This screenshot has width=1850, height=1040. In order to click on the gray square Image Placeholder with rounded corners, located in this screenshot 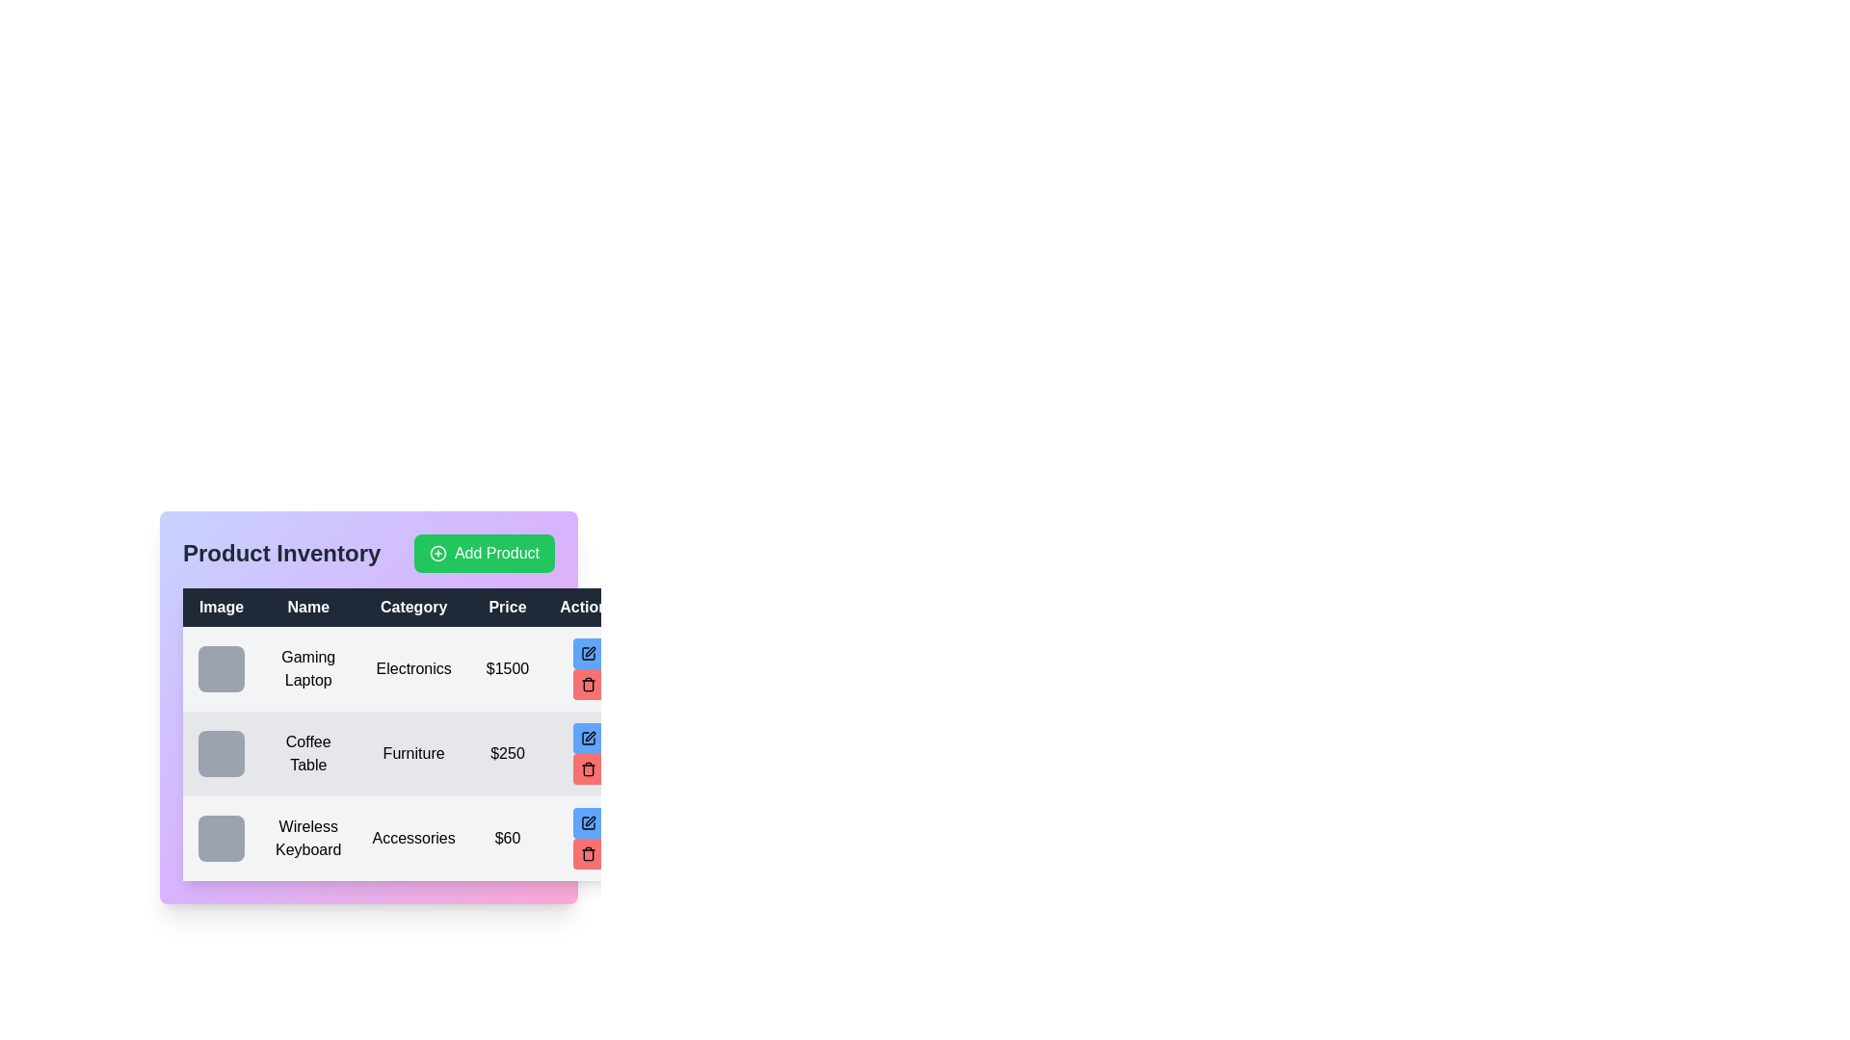, I will do `click(222, 753)`.